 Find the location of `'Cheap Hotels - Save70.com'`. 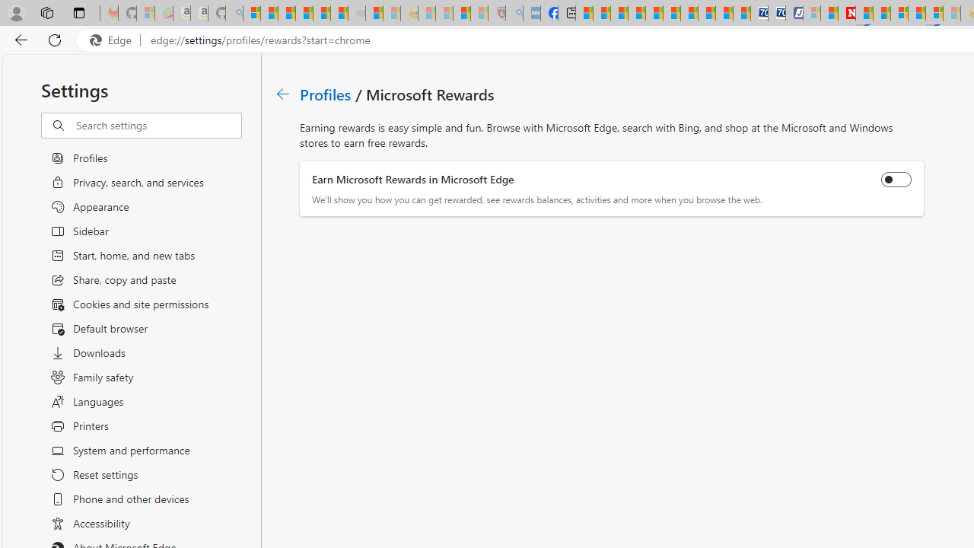

'Cheap Hotels - Save70.com' is located at coordinates (776, 13).